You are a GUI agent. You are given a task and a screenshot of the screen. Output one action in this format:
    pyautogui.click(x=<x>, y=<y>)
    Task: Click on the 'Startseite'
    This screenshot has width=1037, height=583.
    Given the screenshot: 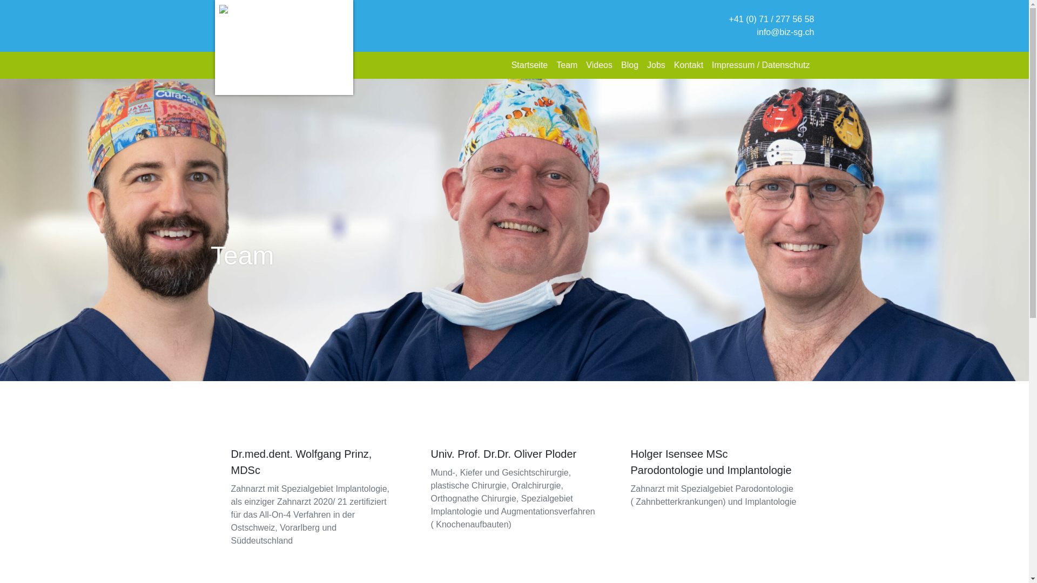 What is the action you would take?
    pyautogui.click(x=529, y=65)
    